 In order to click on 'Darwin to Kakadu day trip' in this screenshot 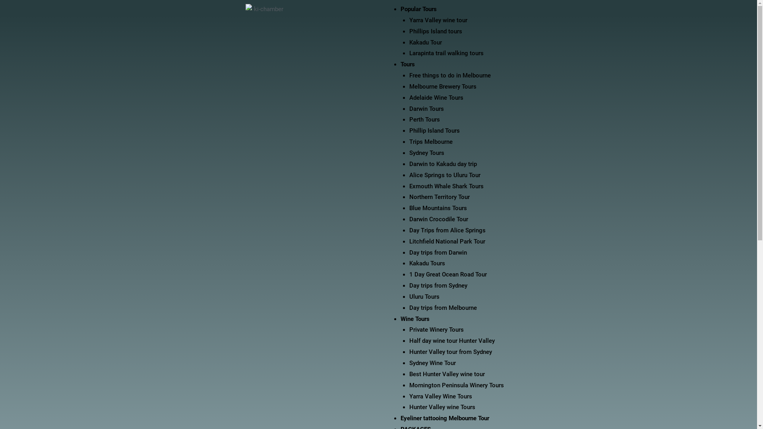, I will do `click(442, 163)`.